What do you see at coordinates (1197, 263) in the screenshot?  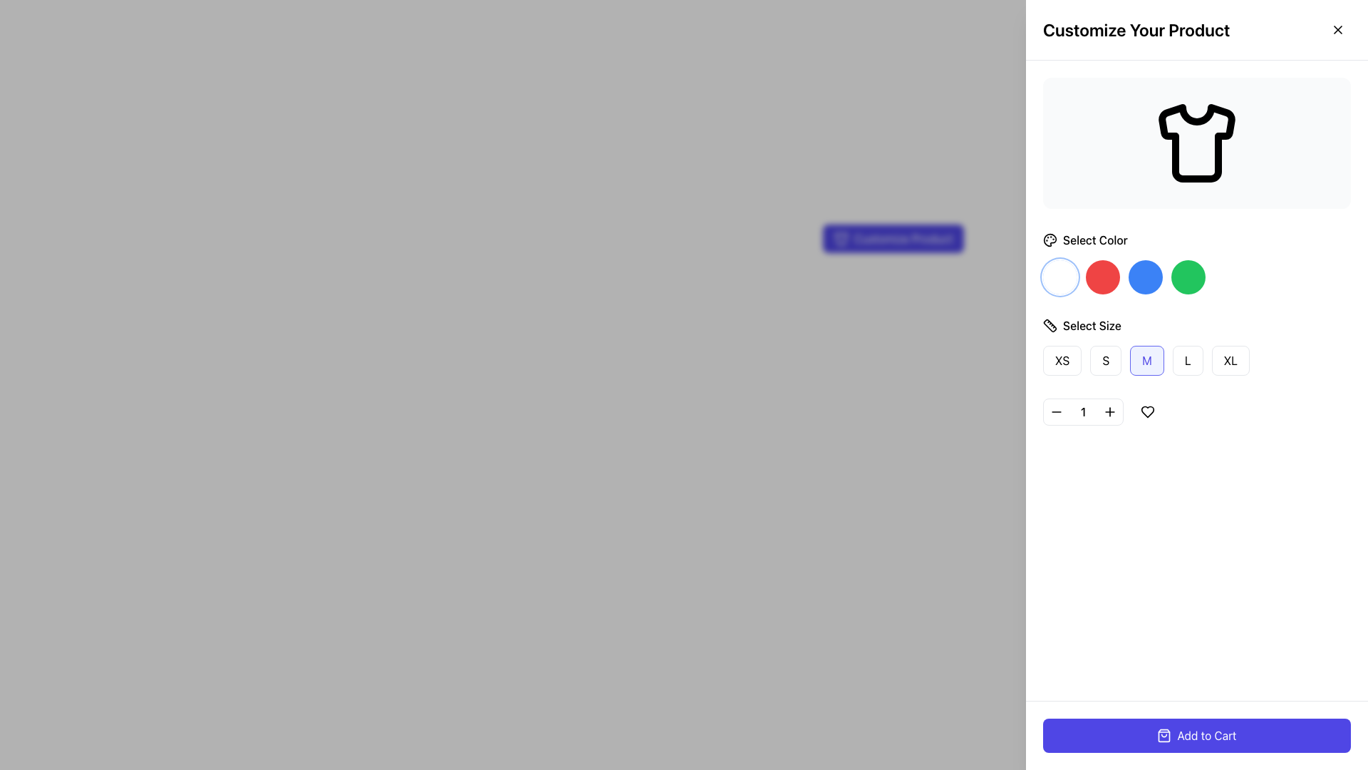 I see `the green circular color selector button, which is the fourth in a row of color options` at bounding box center [1197, 263].